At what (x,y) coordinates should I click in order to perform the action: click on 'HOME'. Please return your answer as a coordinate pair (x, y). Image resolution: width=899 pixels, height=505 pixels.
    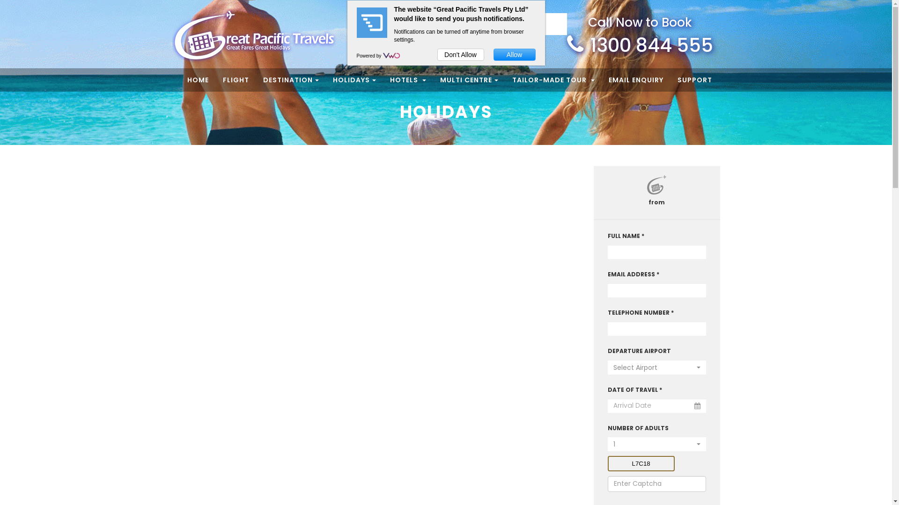
    Looking at the image, I should click on (187, 79).